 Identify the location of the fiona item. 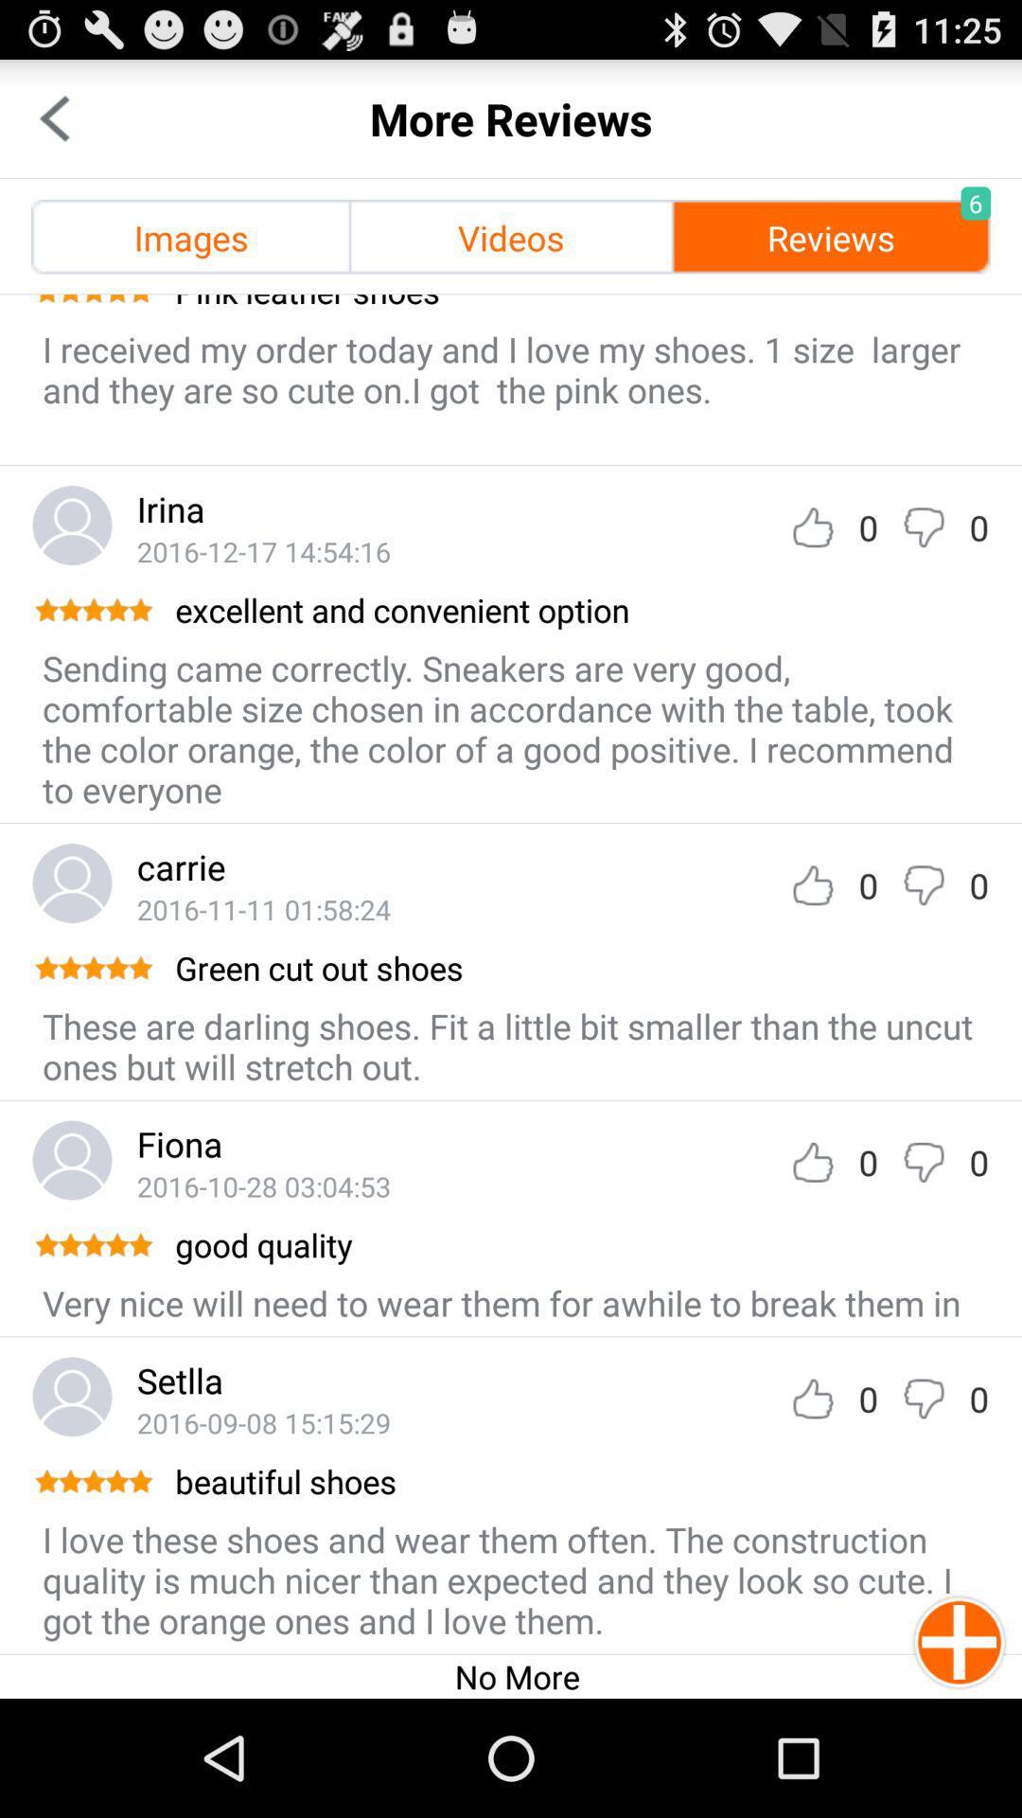
(180, 1143).